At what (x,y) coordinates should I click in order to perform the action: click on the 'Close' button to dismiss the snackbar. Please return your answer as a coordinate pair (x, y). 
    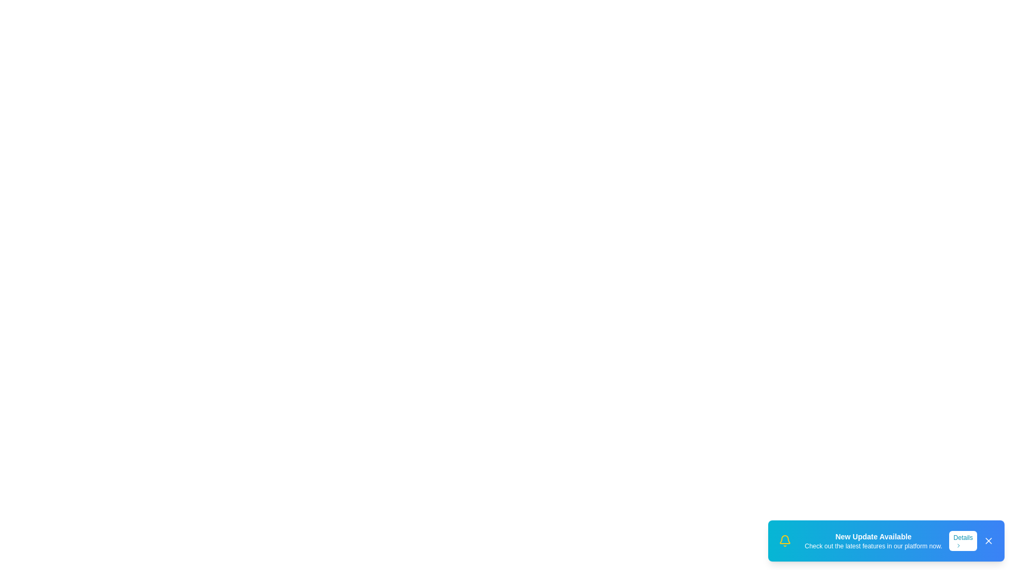
    Looking at the image, I should click on (988, 541).